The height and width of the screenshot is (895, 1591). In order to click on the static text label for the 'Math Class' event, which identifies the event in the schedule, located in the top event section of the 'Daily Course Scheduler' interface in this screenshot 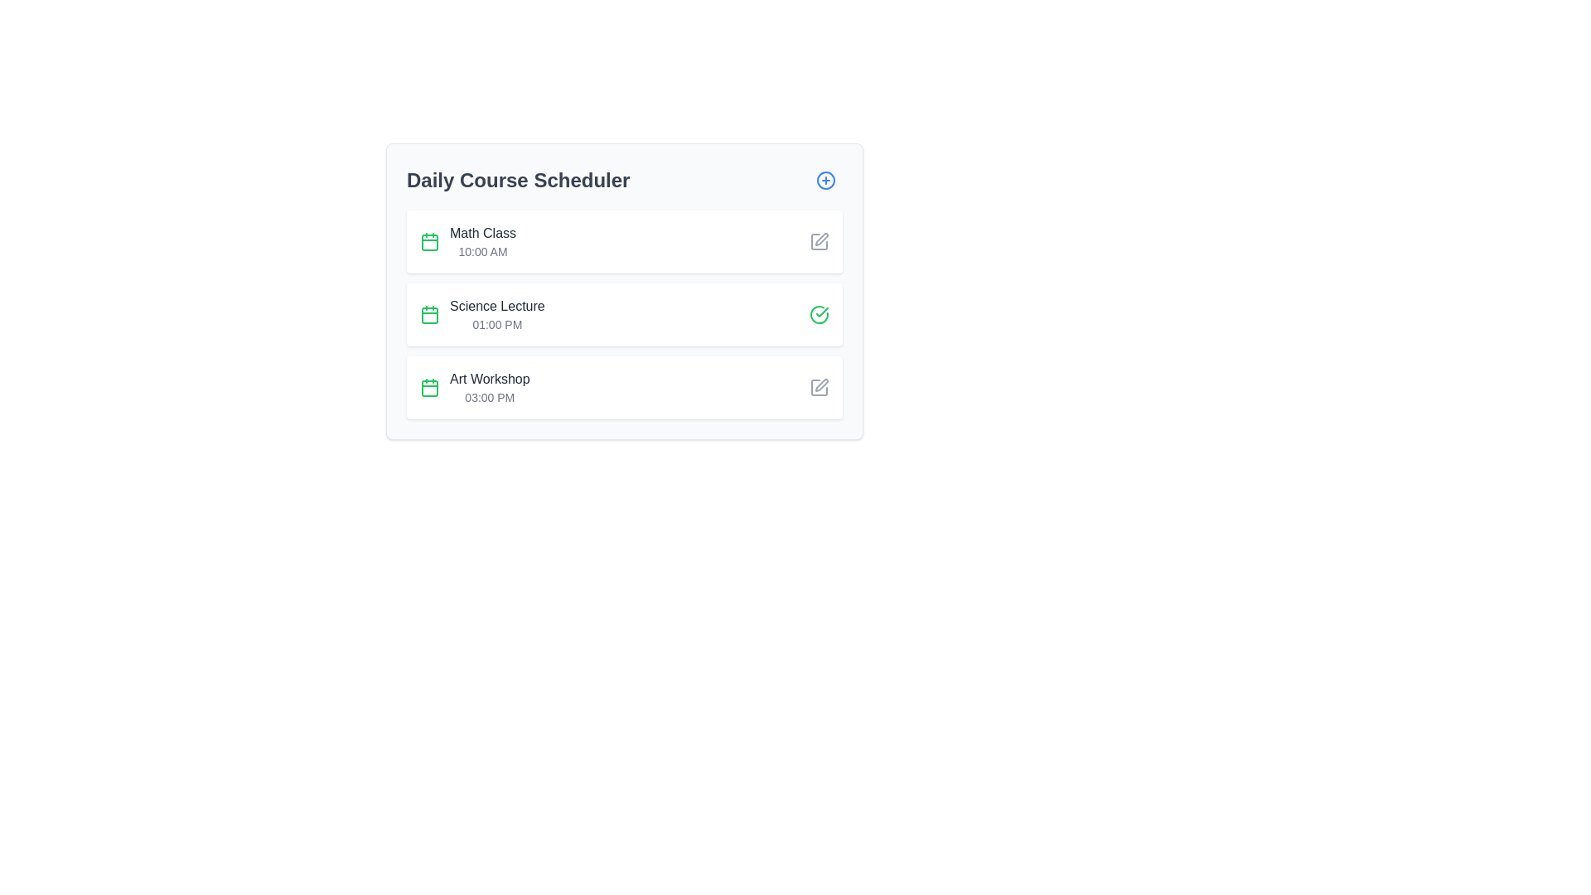, I will do `click(482, 233)`.